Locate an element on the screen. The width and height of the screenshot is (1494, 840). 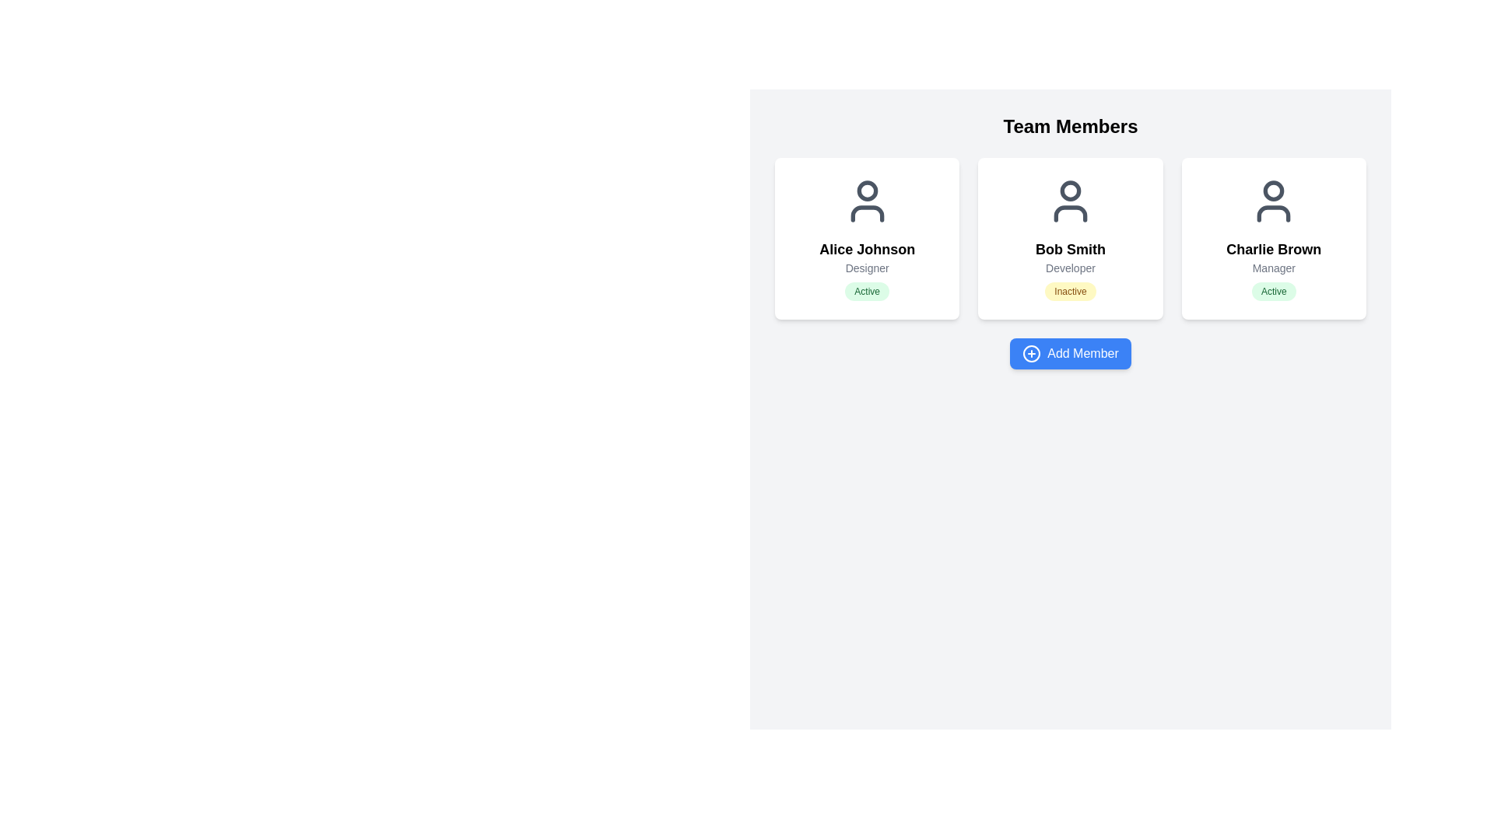
the user profile icon located at the top-left of the card labeled 'Bob Smith', which serves as the user's identifier is located at coordinates (1070, 200).